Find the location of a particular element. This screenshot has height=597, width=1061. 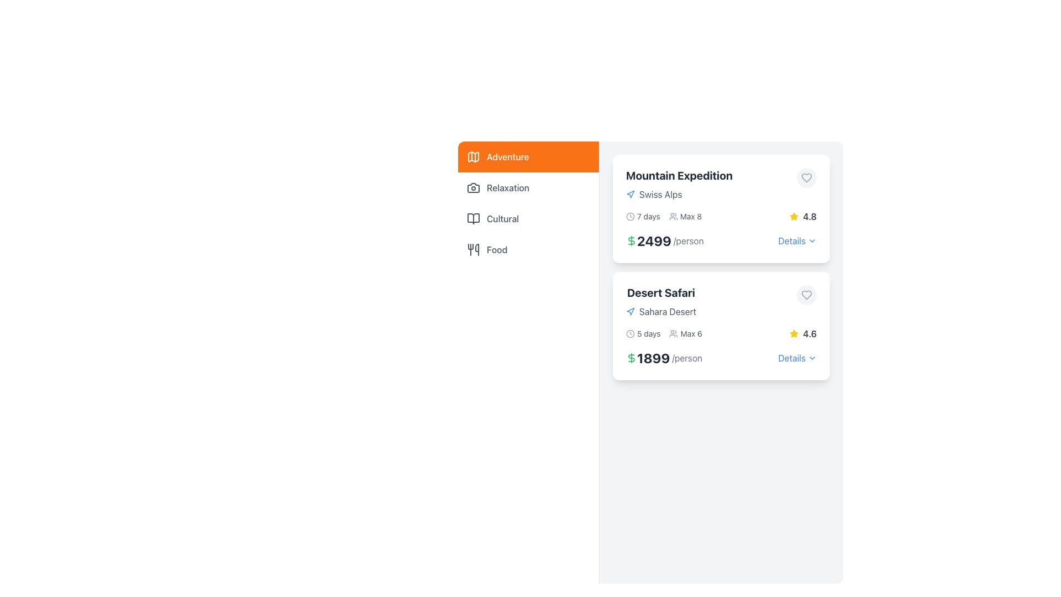

the bolded numeric label displaying '4.6' that is styled with a medium-dark gray color, located beside the yellow star icon in the travel package card for 'Desert Safari' is located at coordinates (810, 333).